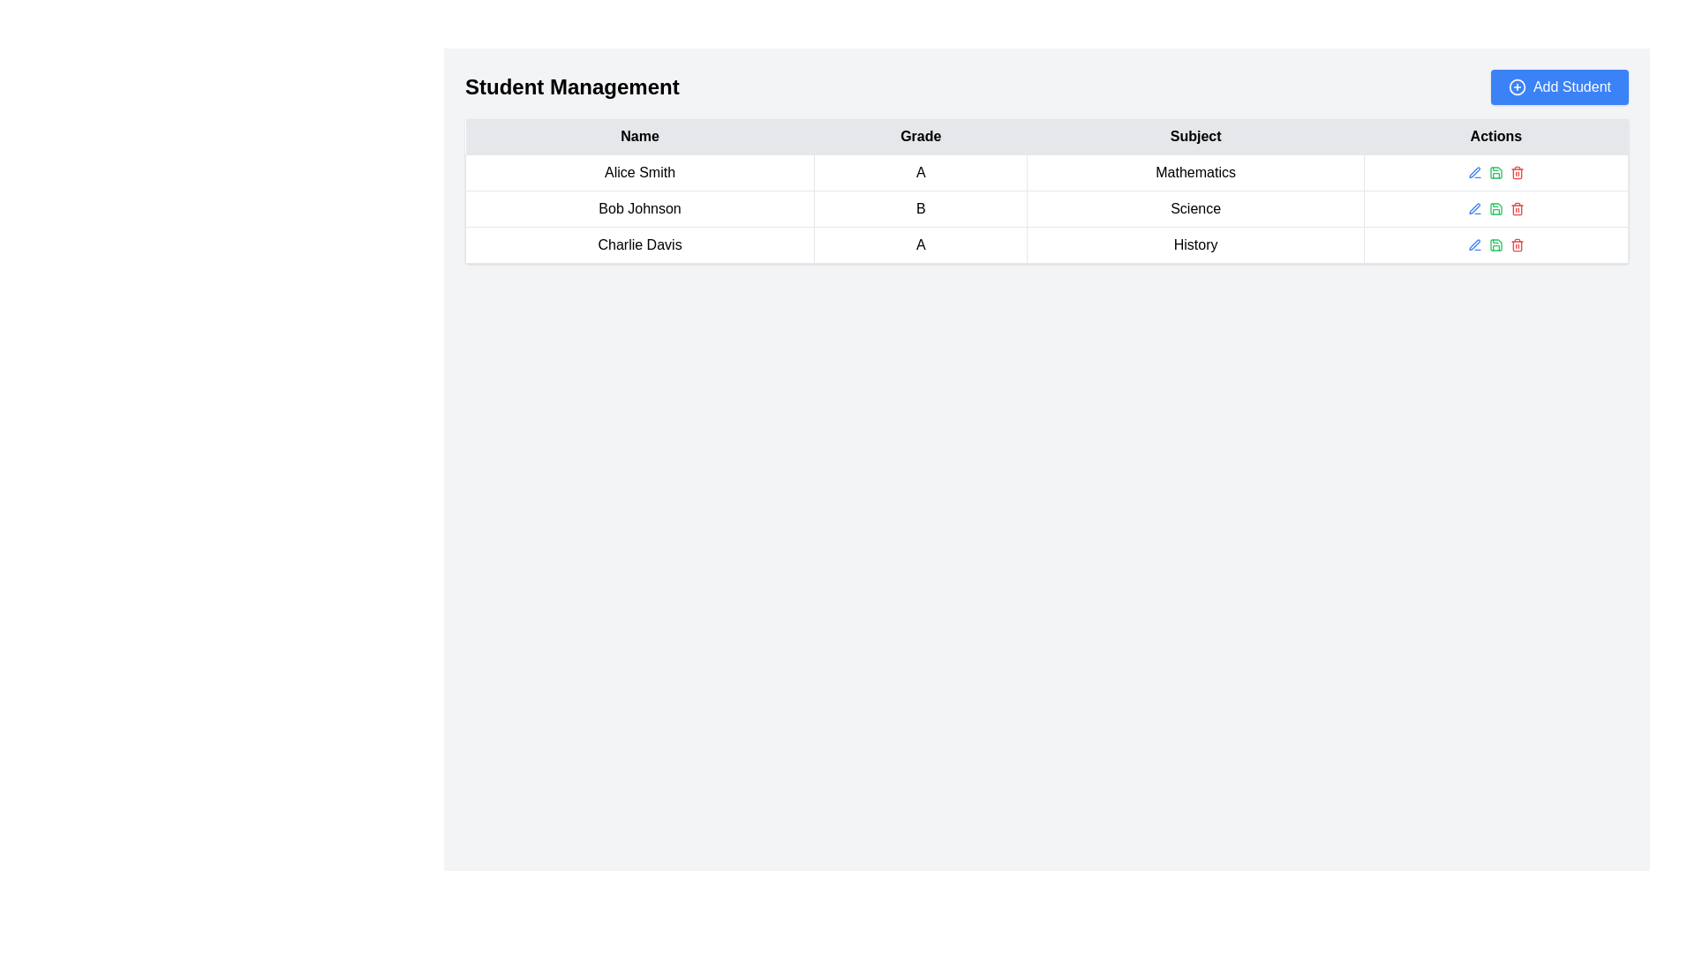 The height and width of the screenshot is (953, 1695). What do you see at coordinates (1495, 173) in the screenshot?
I see `the green icon in the Action button group located in the 'Actions' column for the 'Mathematics' subject in the first row` at bounding box center [1495, 173].